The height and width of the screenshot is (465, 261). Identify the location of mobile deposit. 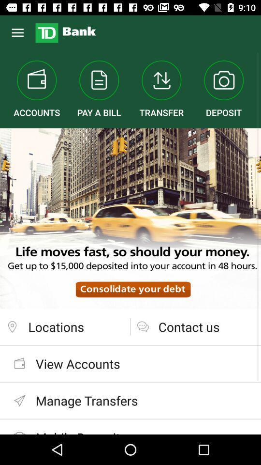
(130, 426).